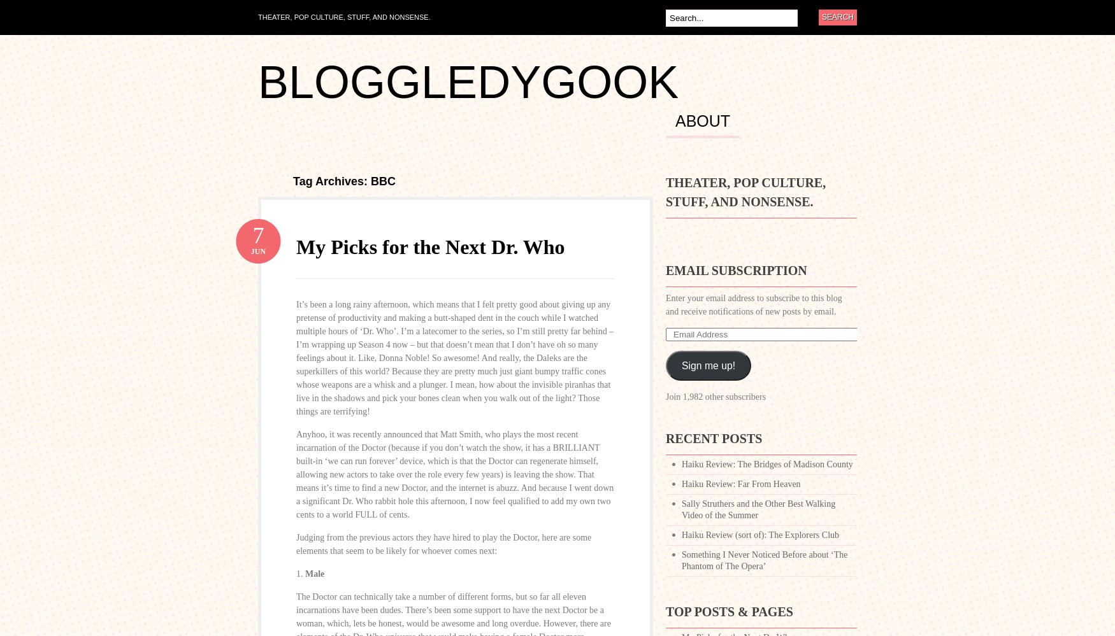  Describe the element at coordinates (735, 269) in the screenshot. I see `'Email Subscription'` at that location.